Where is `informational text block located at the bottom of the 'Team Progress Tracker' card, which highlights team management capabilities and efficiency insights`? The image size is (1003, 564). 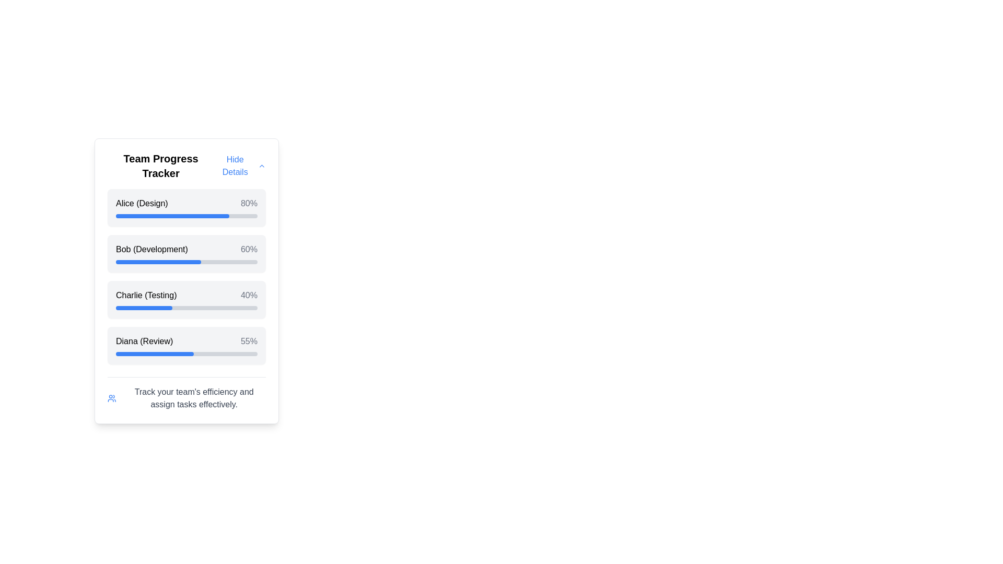 informational text block located at the bottom of the 'Team Progress Tracker' card, which highlights team management capabilities and efficiency insights is located at coordinates (186, 394).